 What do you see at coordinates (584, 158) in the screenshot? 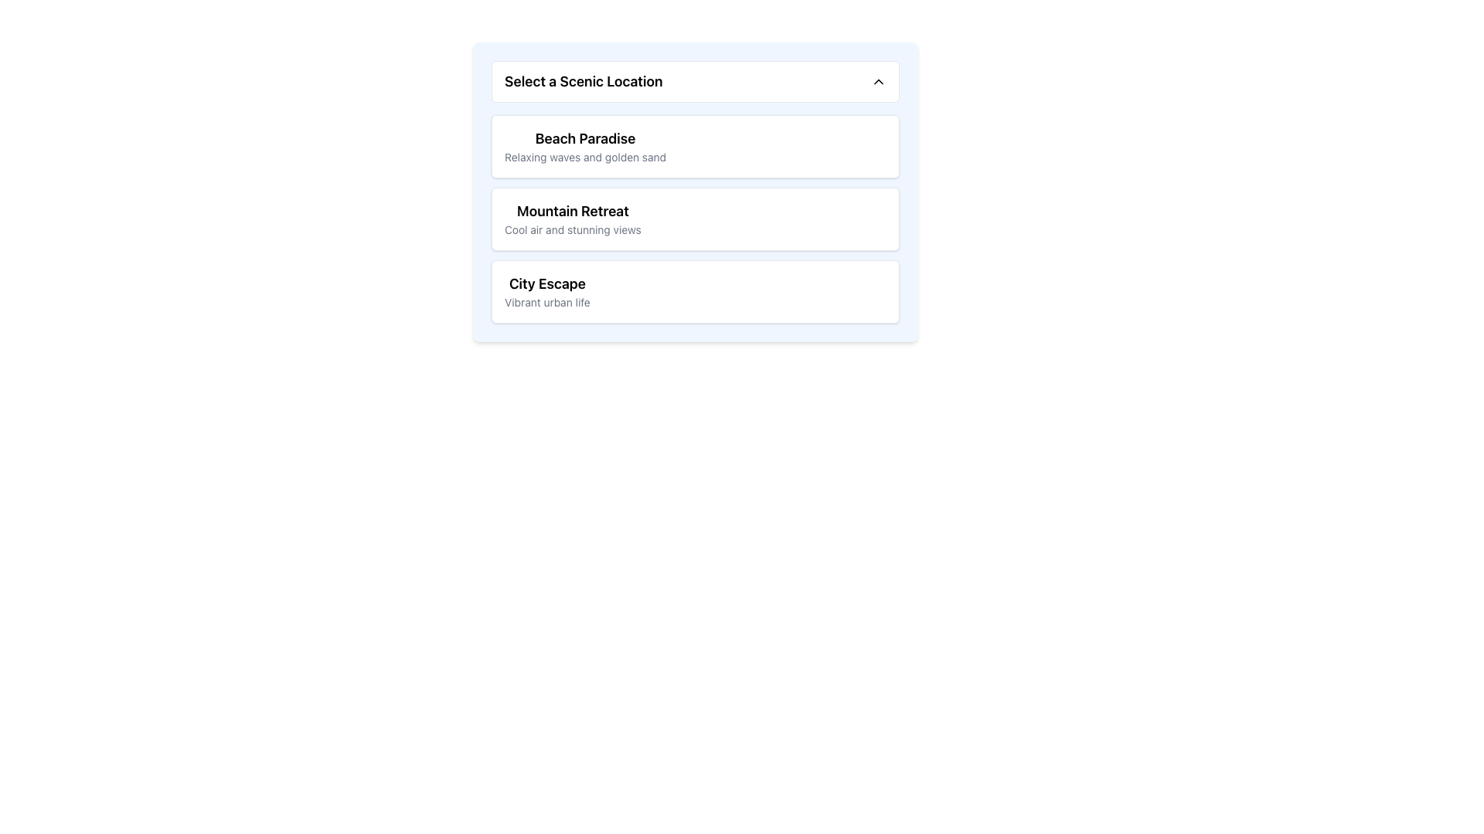
I see `text description element displaying 'Relaxing waves and golden sand' located below the title 'Beach Paradise' in the first list item of the vertical menu` at bounding box center [584, 158].